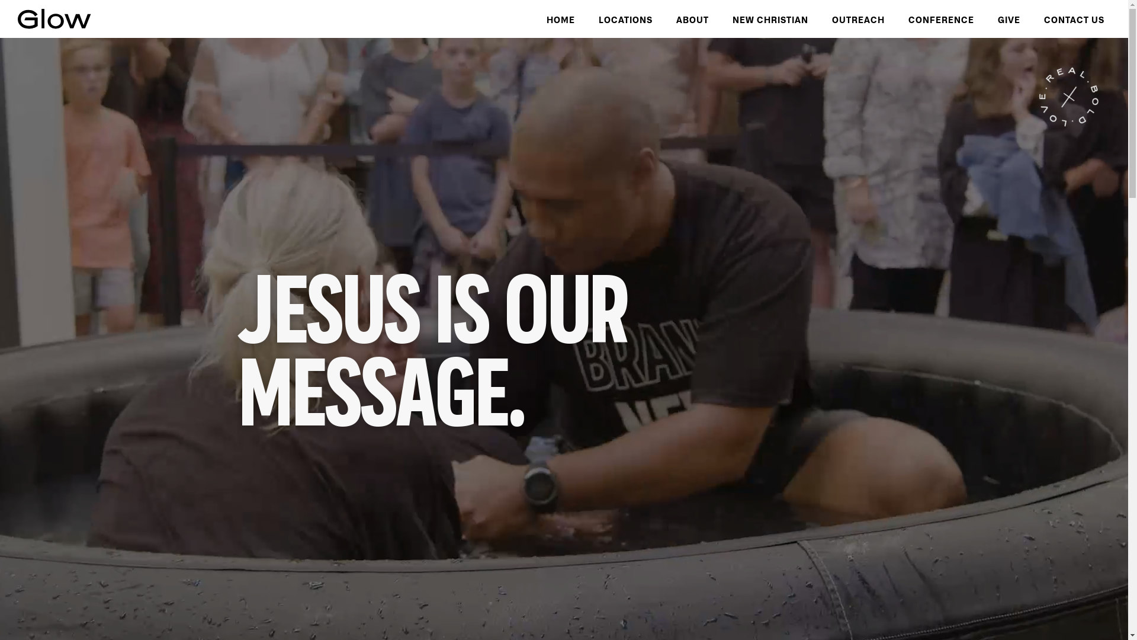  Describe the element at coordinates (1008, 18) in the screenshot. I see `'GIVE'` at that location.